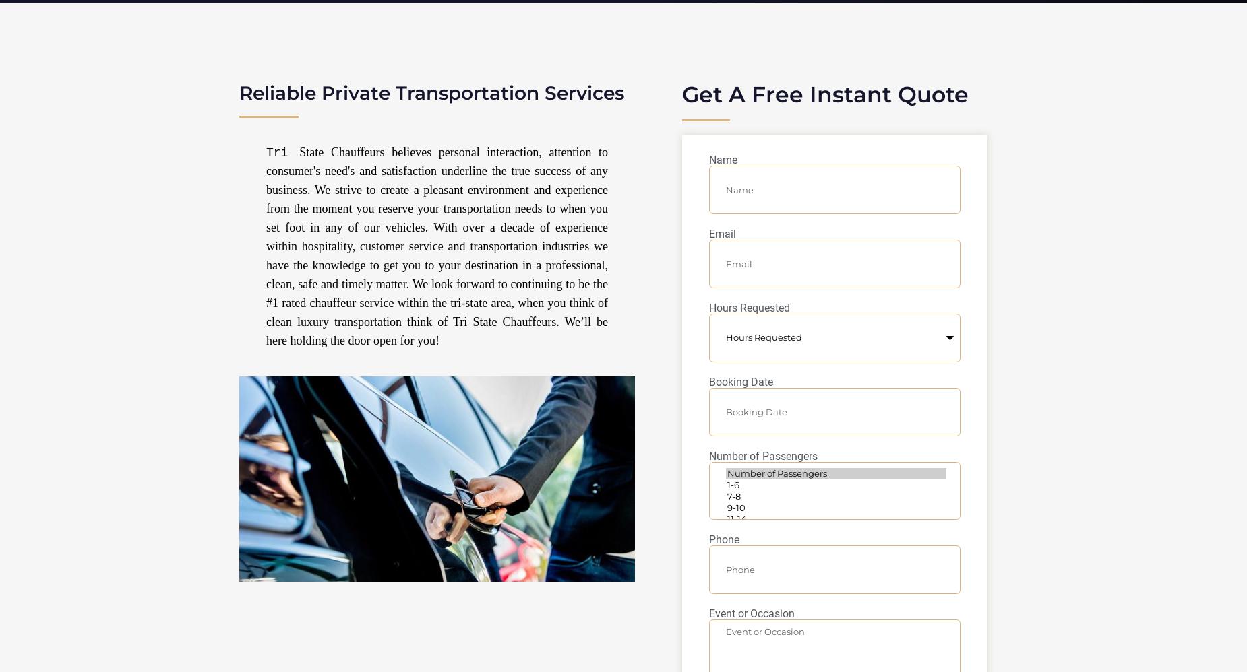 The height and width of the screenshot is (672, 1247). I want to click on 'Get A Free Instant Quote', so click(824, 94).